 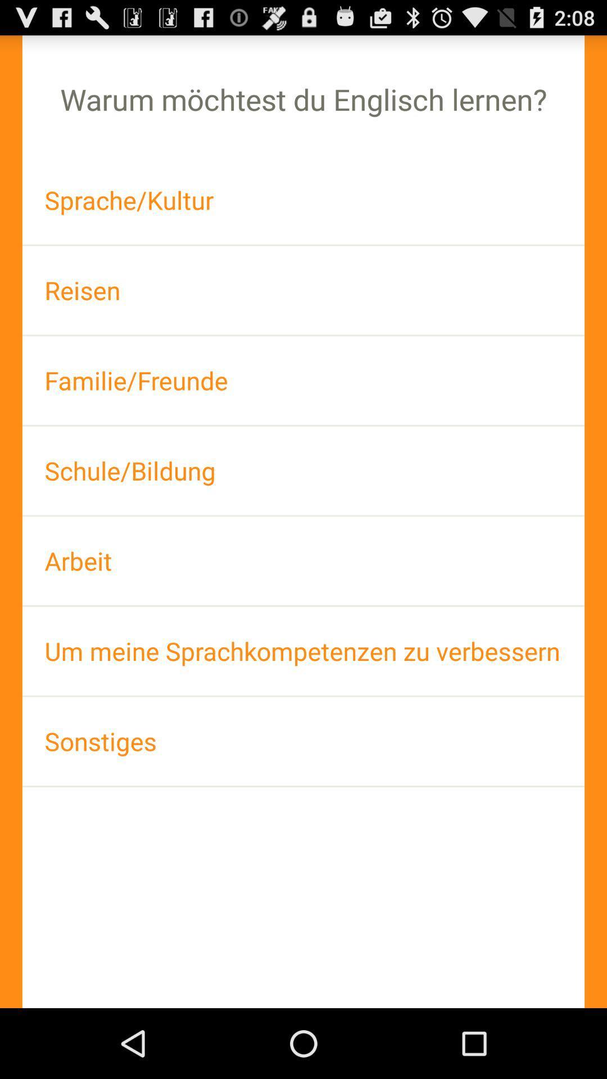 I want to click on the item at the bottom, so click(x=303, y=741).